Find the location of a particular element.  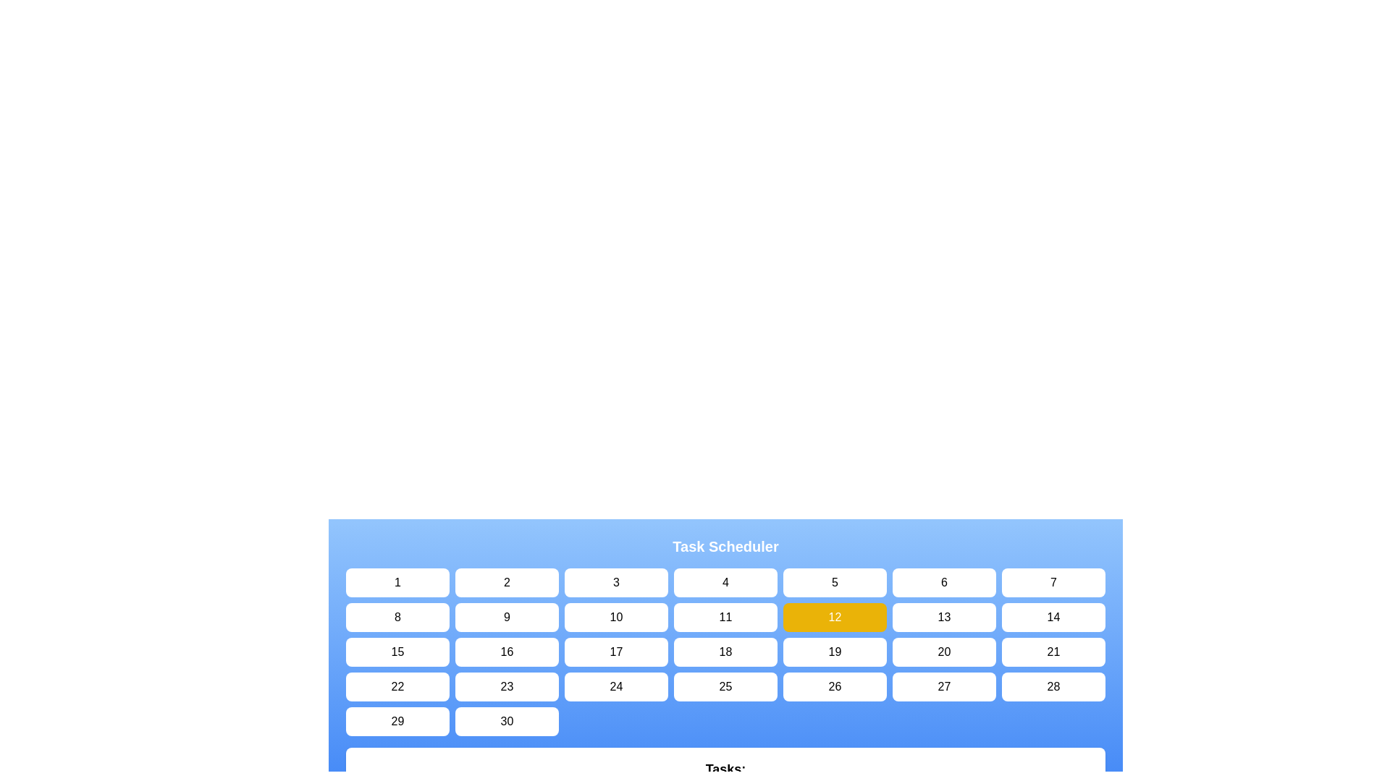

the rectangular button with a white background and black text showing the number '29' is located at coordinates (397, 722).